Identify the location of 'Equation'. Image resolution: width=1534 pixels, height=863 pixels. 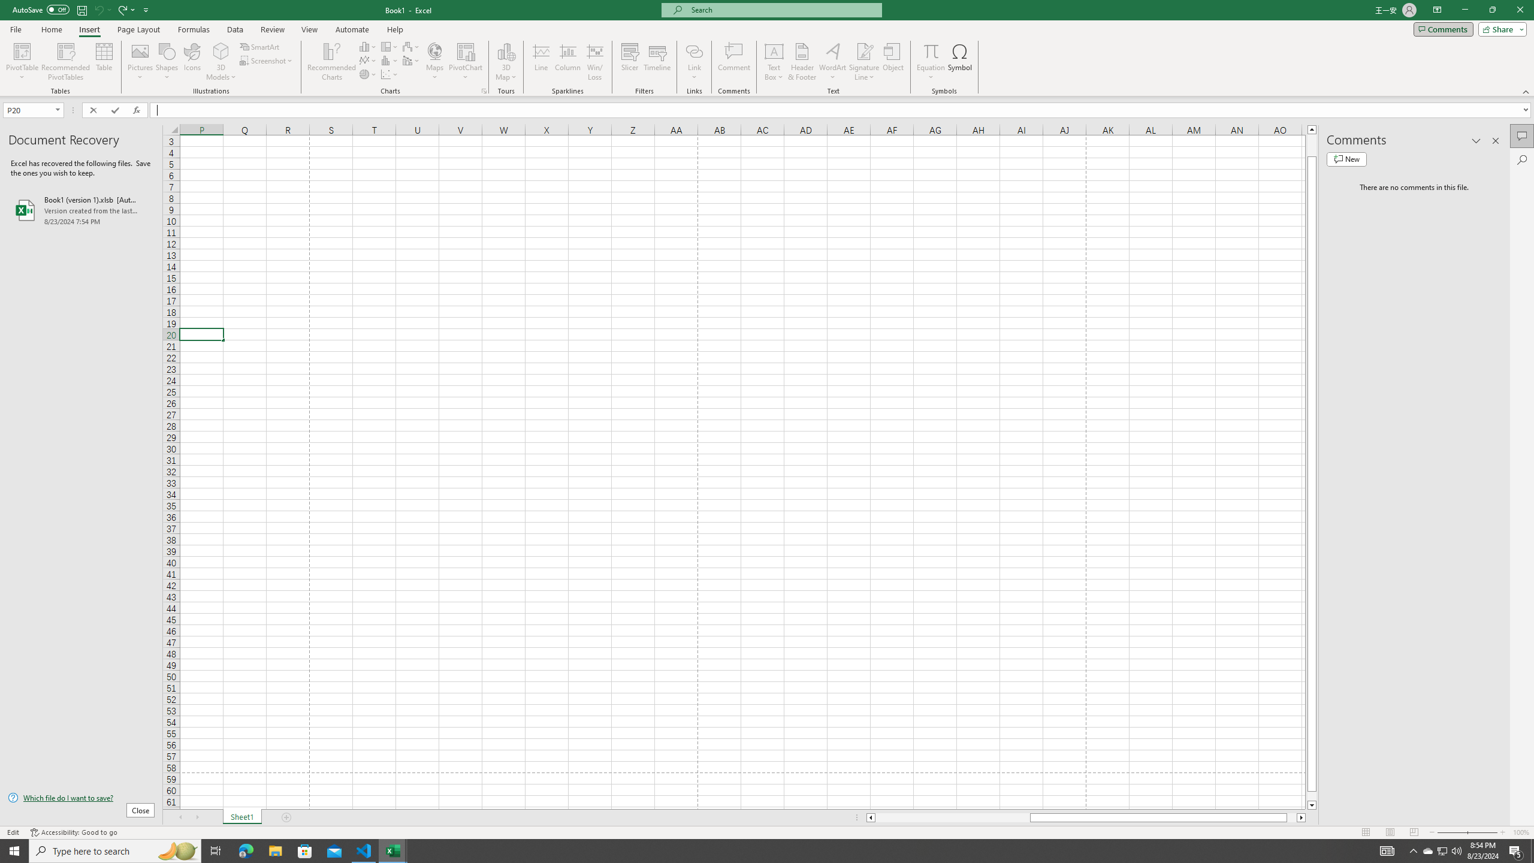
(931, 62).